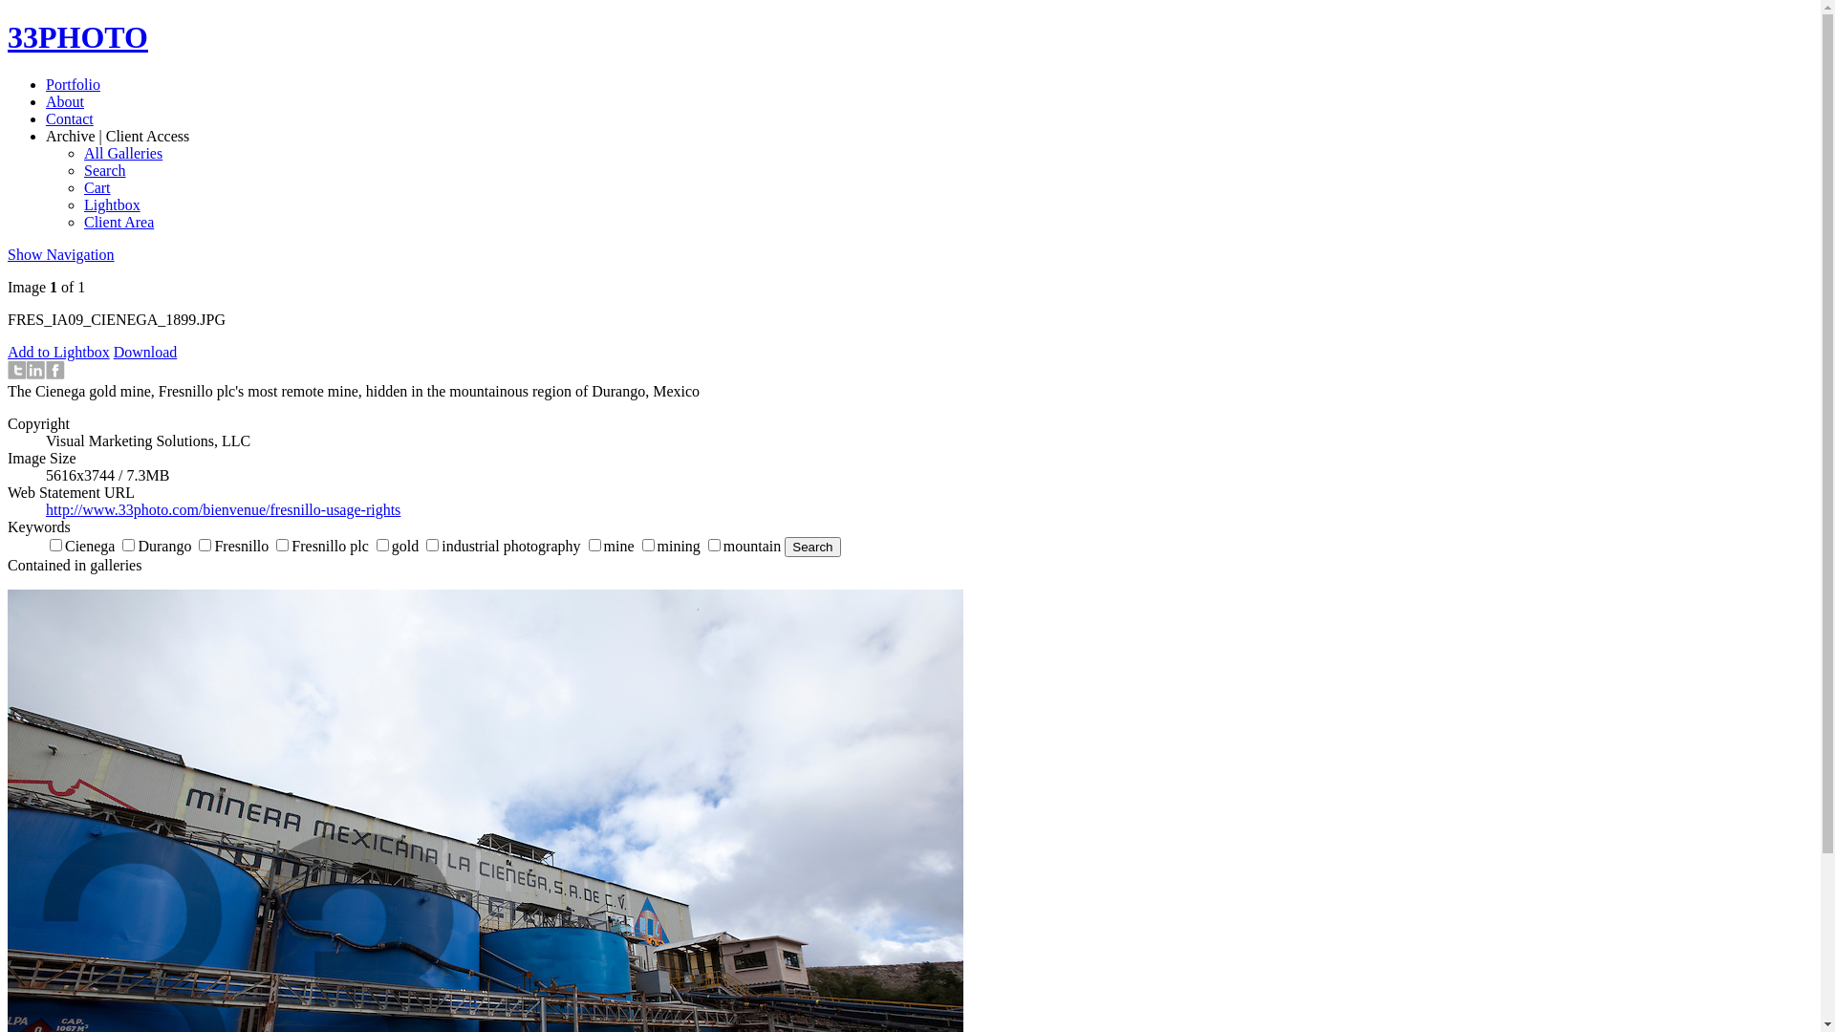 The width and height of the screenshot is (1835, 1032). Describe the element at coordinates (122, 152) in the screenshot. I see `'All Galleries'` at that location.